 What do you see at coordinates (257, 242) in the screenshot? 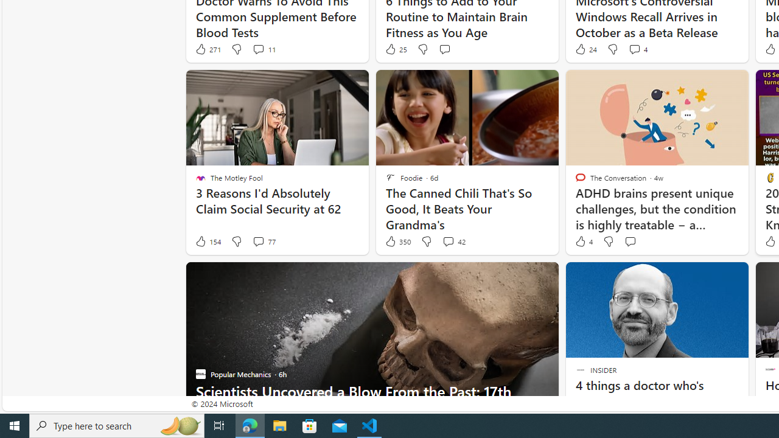
I see `'View comments 77 Comment'` at bounding box center [257, 242].